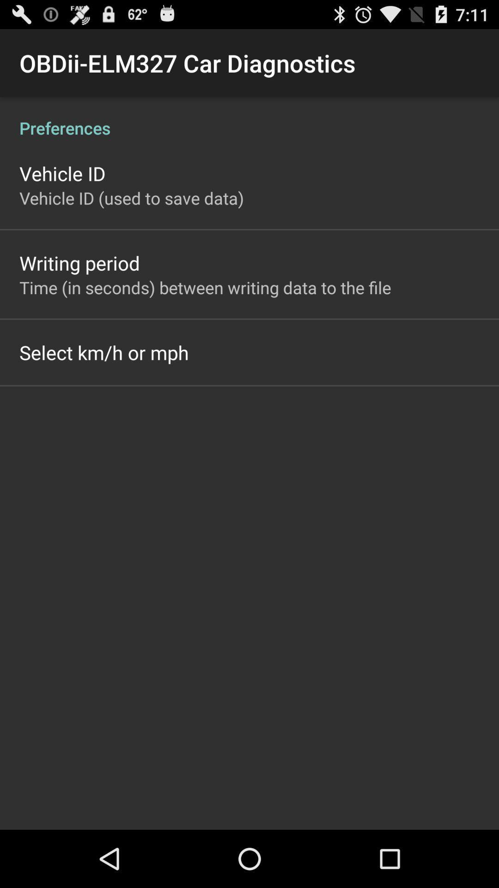  I want to click on select km h item, so click(104, 352).